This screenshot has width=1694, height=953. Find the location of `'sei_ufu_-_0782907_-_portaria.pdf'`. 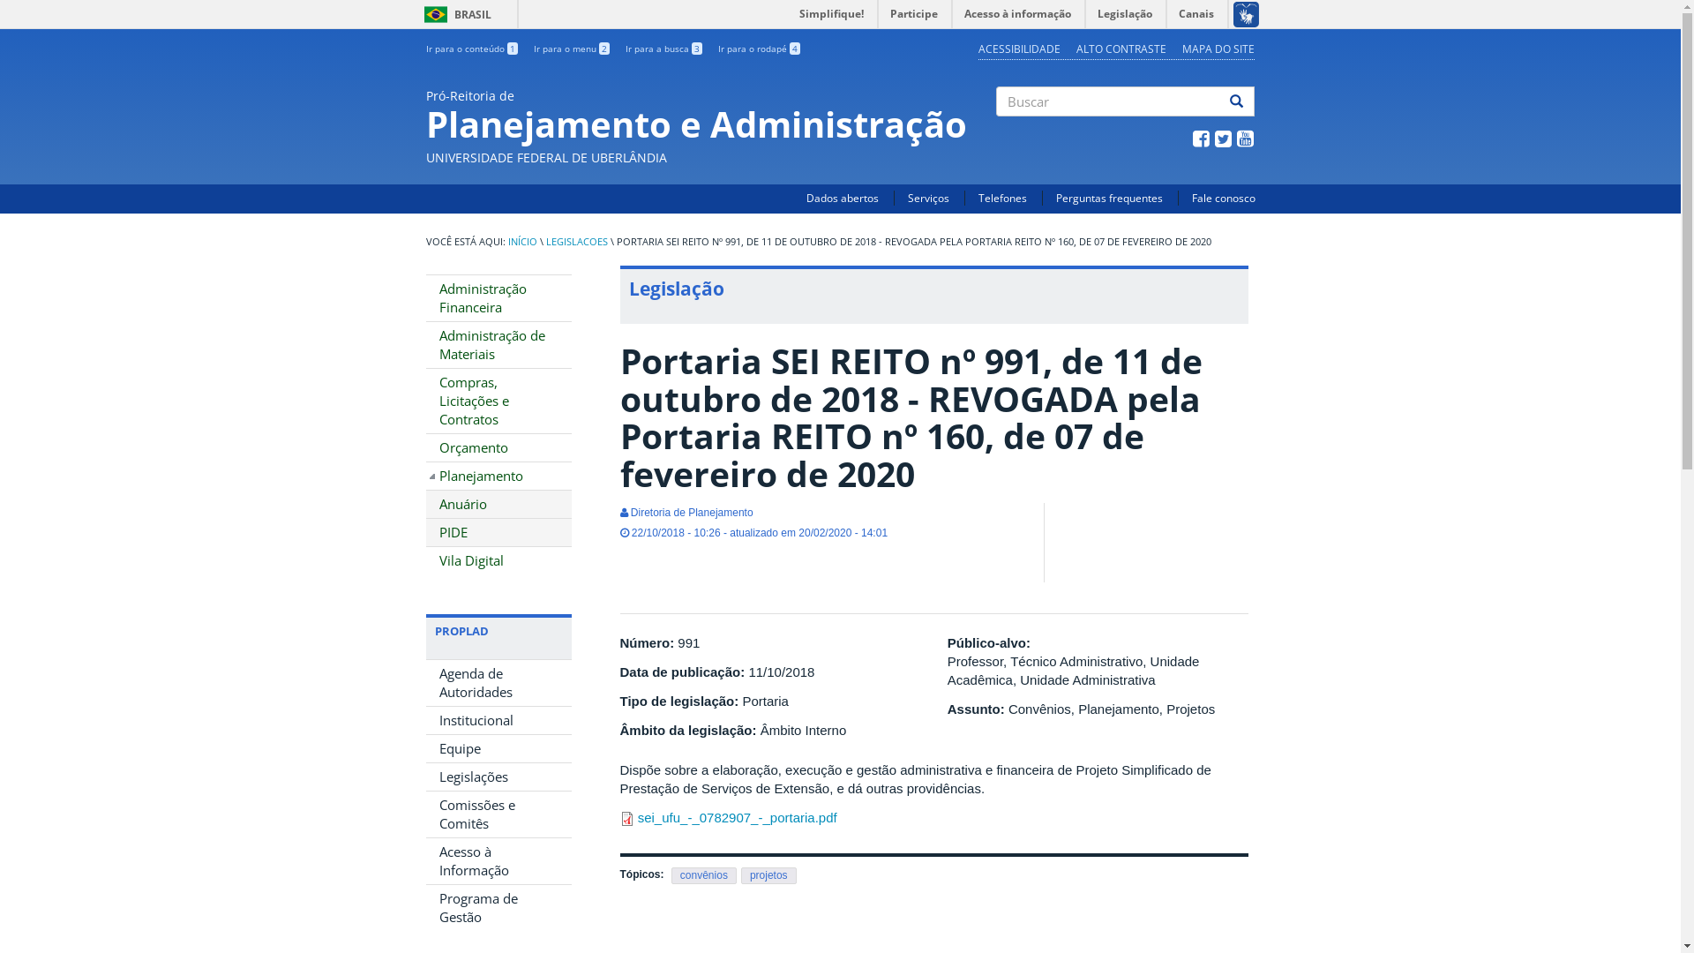

'sei_ufu_-_0782907_-_portaria.pdf' is located at coordinates (737, 817).